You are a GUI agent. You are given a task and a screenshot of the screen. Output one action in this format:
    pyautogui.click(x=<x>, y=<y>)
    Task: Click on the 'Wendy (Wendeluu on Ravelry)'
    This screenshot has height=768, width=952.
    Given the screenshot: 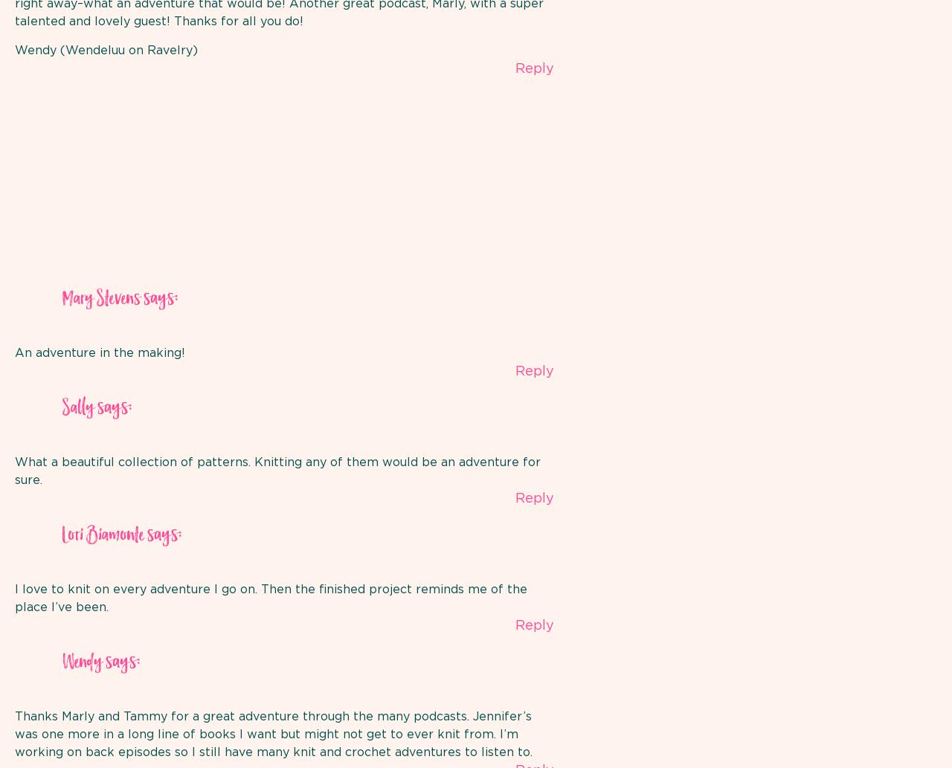 What is the action you would take?
    pyautogui.click(x=105, y=50)
    